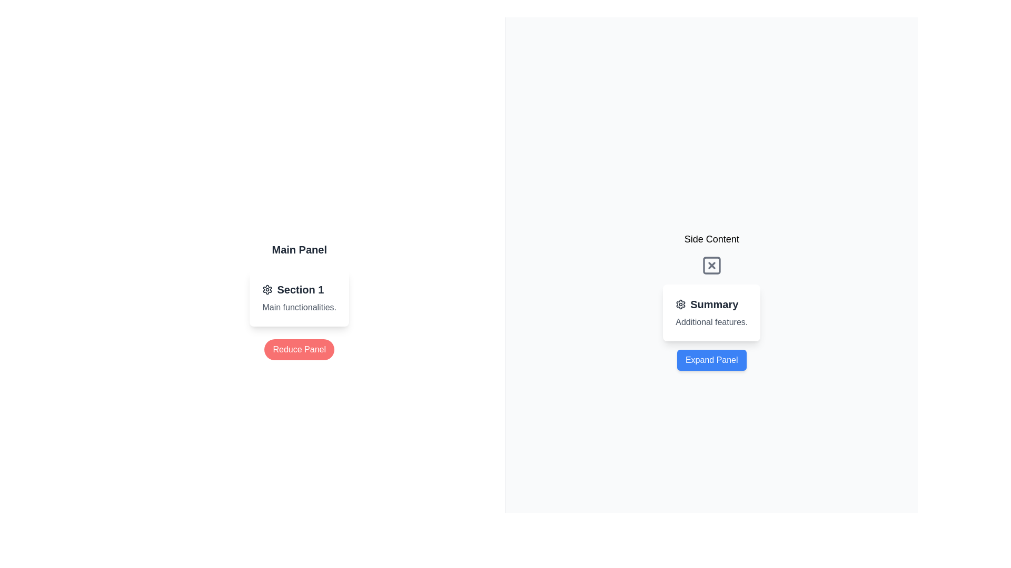 Image resolution: width=1011 pixels, height=568 pixels. I want to click on the informational card that summarizes additional features, positioned in the center area of the right panel, below the heading 'Side Content', so click(711, 312).